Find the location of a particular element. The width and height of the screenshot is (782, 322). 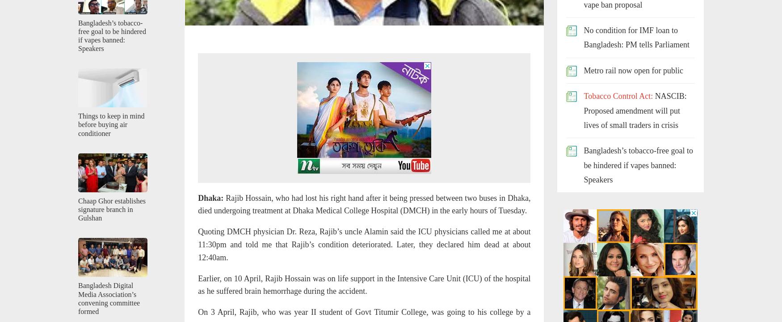

'No condition for IMF loan to Bangladesh: PM tells Parliament' is located at coordinates (635, 37).